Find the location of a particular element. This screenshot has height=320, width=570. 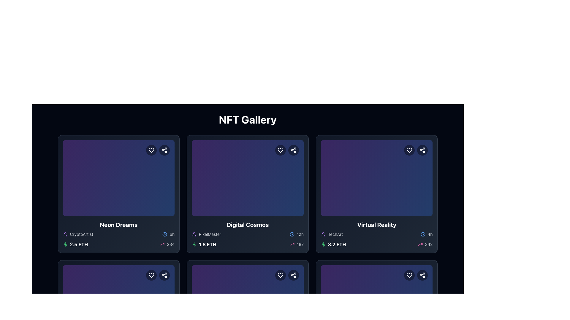

the text label that identifies the associated NFT or entity, located in the middle column of the NFT gallery grid, underneath the image and above the text 'PixelMaster' and '1.8 ETH' is located at coordinates (248, 225).